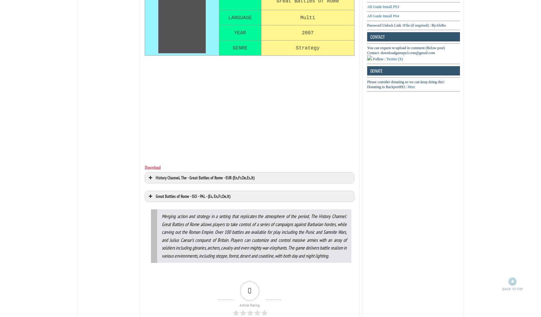 This screenshot has width=541, height=317. Describe the element at coordinates (307, 17) in the screenshot. I see `'Multi'` at that location.